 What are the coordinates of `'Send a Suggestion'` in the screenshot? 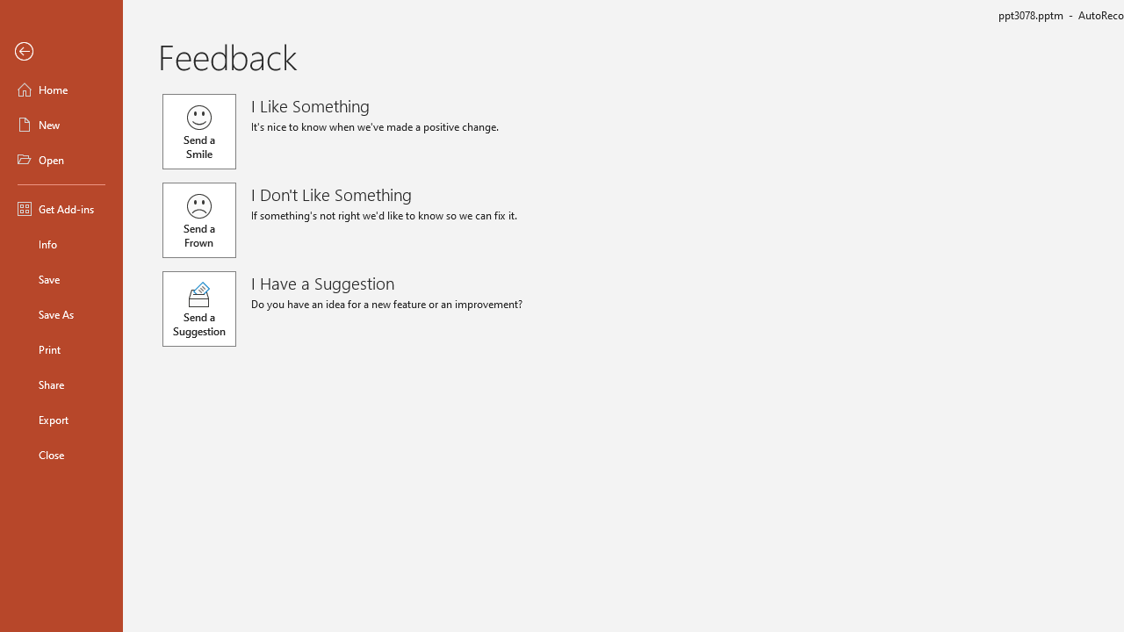 It's located at (199, 308).